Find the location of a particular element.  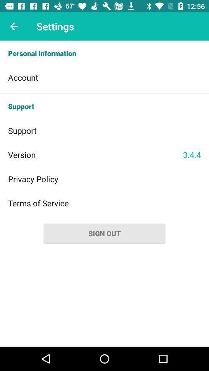

icon next to the version item is located at coordinates (191, 154).